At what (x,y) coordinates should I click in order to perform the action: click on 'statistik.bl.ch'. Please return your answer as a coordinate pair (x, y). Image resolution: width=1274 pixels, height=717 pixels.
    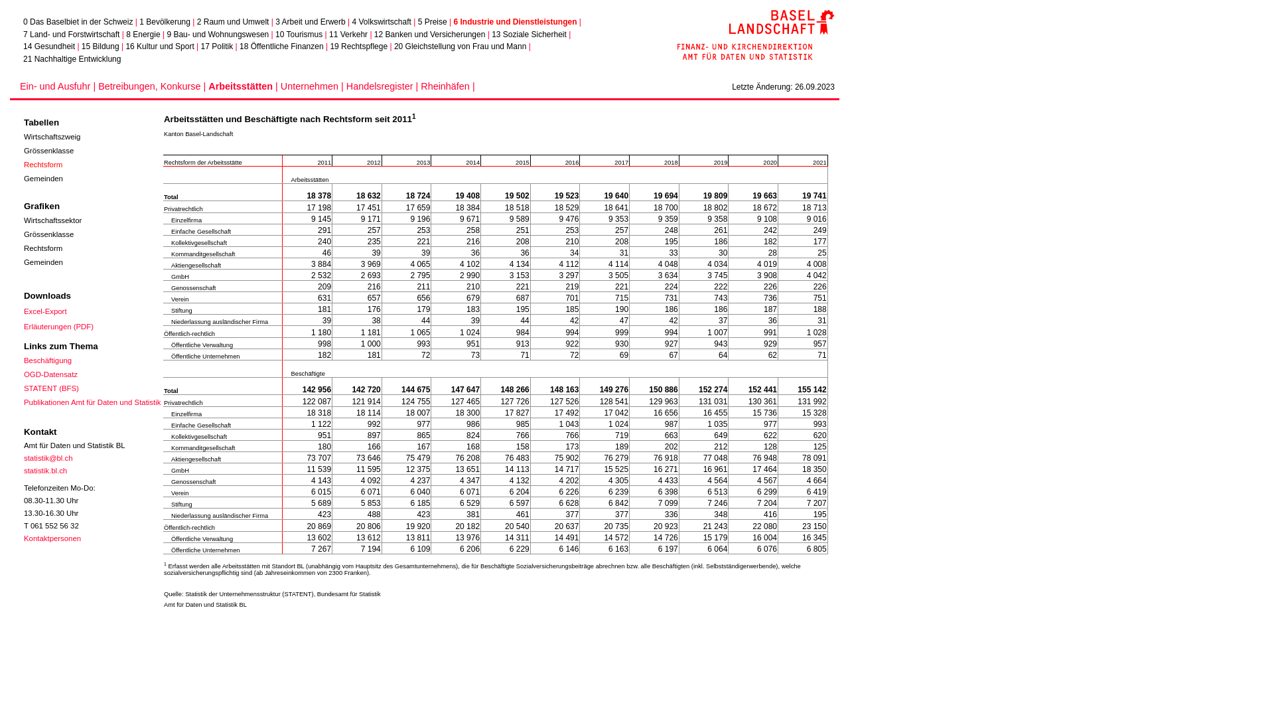
    Looking at the image, I should click on (45, 470).